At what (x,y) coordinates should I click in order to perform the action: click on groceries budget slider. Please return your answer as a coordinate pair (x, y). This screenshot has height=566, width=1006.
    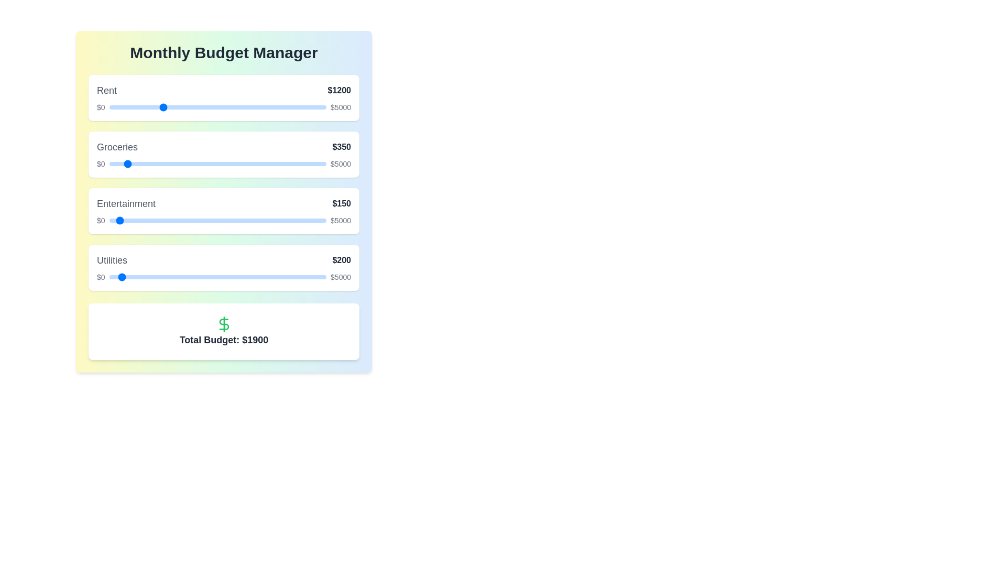
    Looking at the image, I should click on (149, 164).